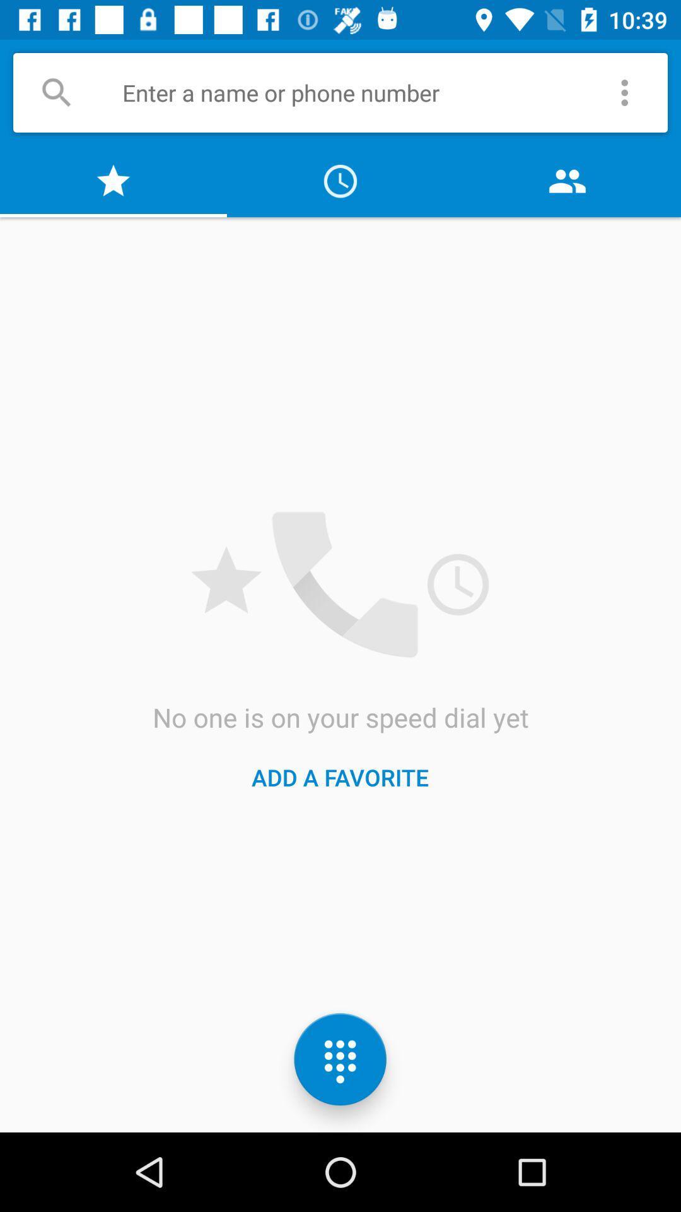  I want to click on the dialpad icon, so click(340, 1059).